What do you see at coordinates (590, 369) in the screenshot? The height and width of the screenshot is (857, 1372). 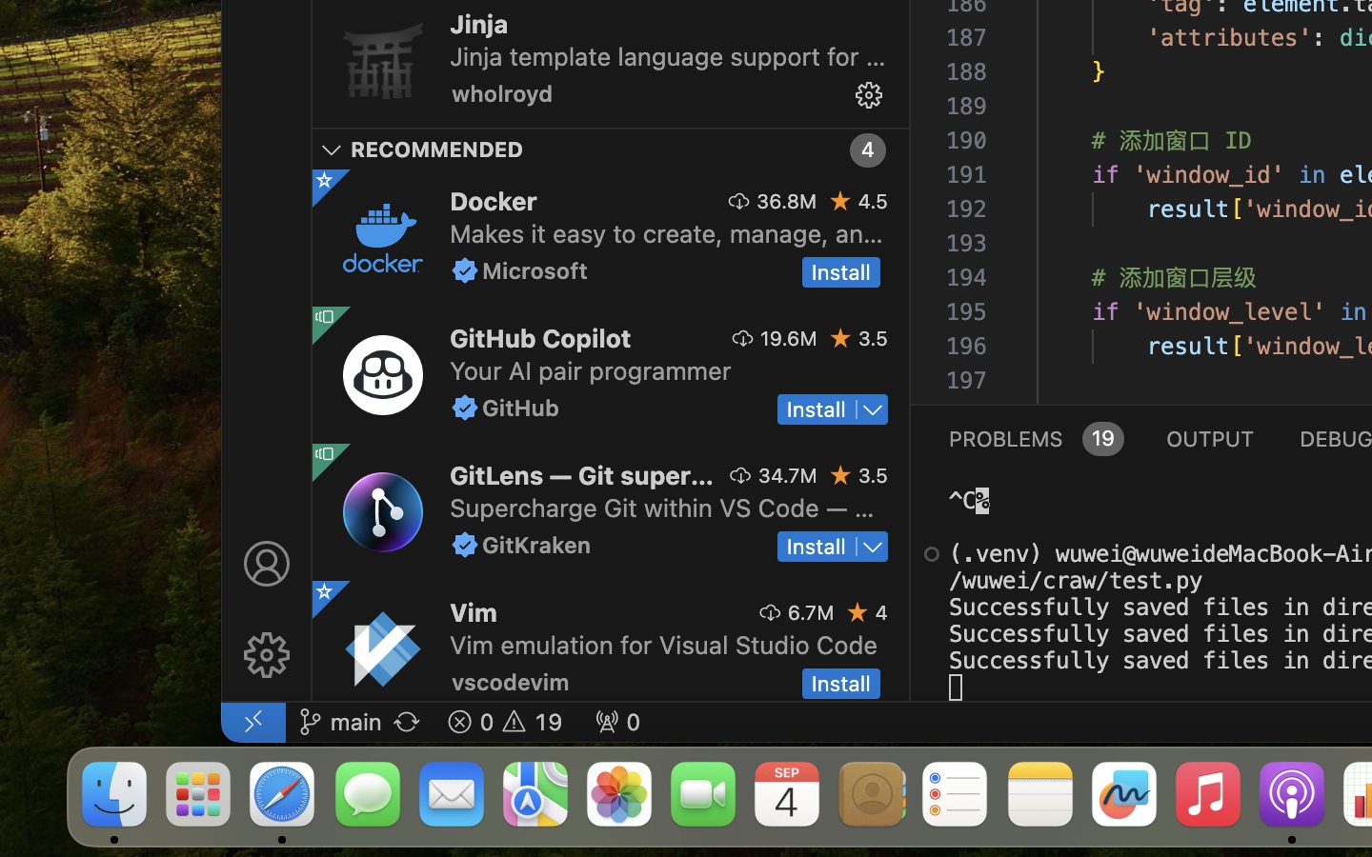 I see `'Your AI pair programmer'` at bounding box center [590, 369].